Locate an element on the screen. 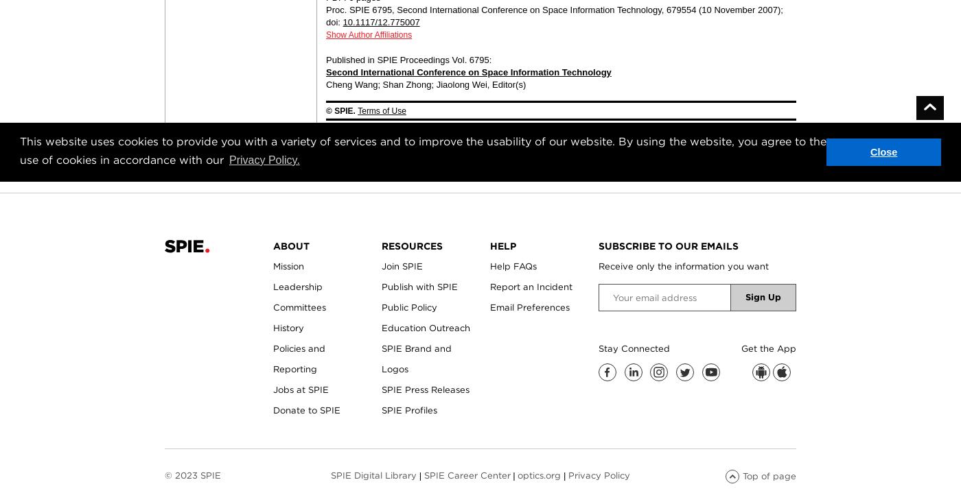  'Published in SPIE Proceedings Vol. 6795:' is located at coordinates (408, 59).